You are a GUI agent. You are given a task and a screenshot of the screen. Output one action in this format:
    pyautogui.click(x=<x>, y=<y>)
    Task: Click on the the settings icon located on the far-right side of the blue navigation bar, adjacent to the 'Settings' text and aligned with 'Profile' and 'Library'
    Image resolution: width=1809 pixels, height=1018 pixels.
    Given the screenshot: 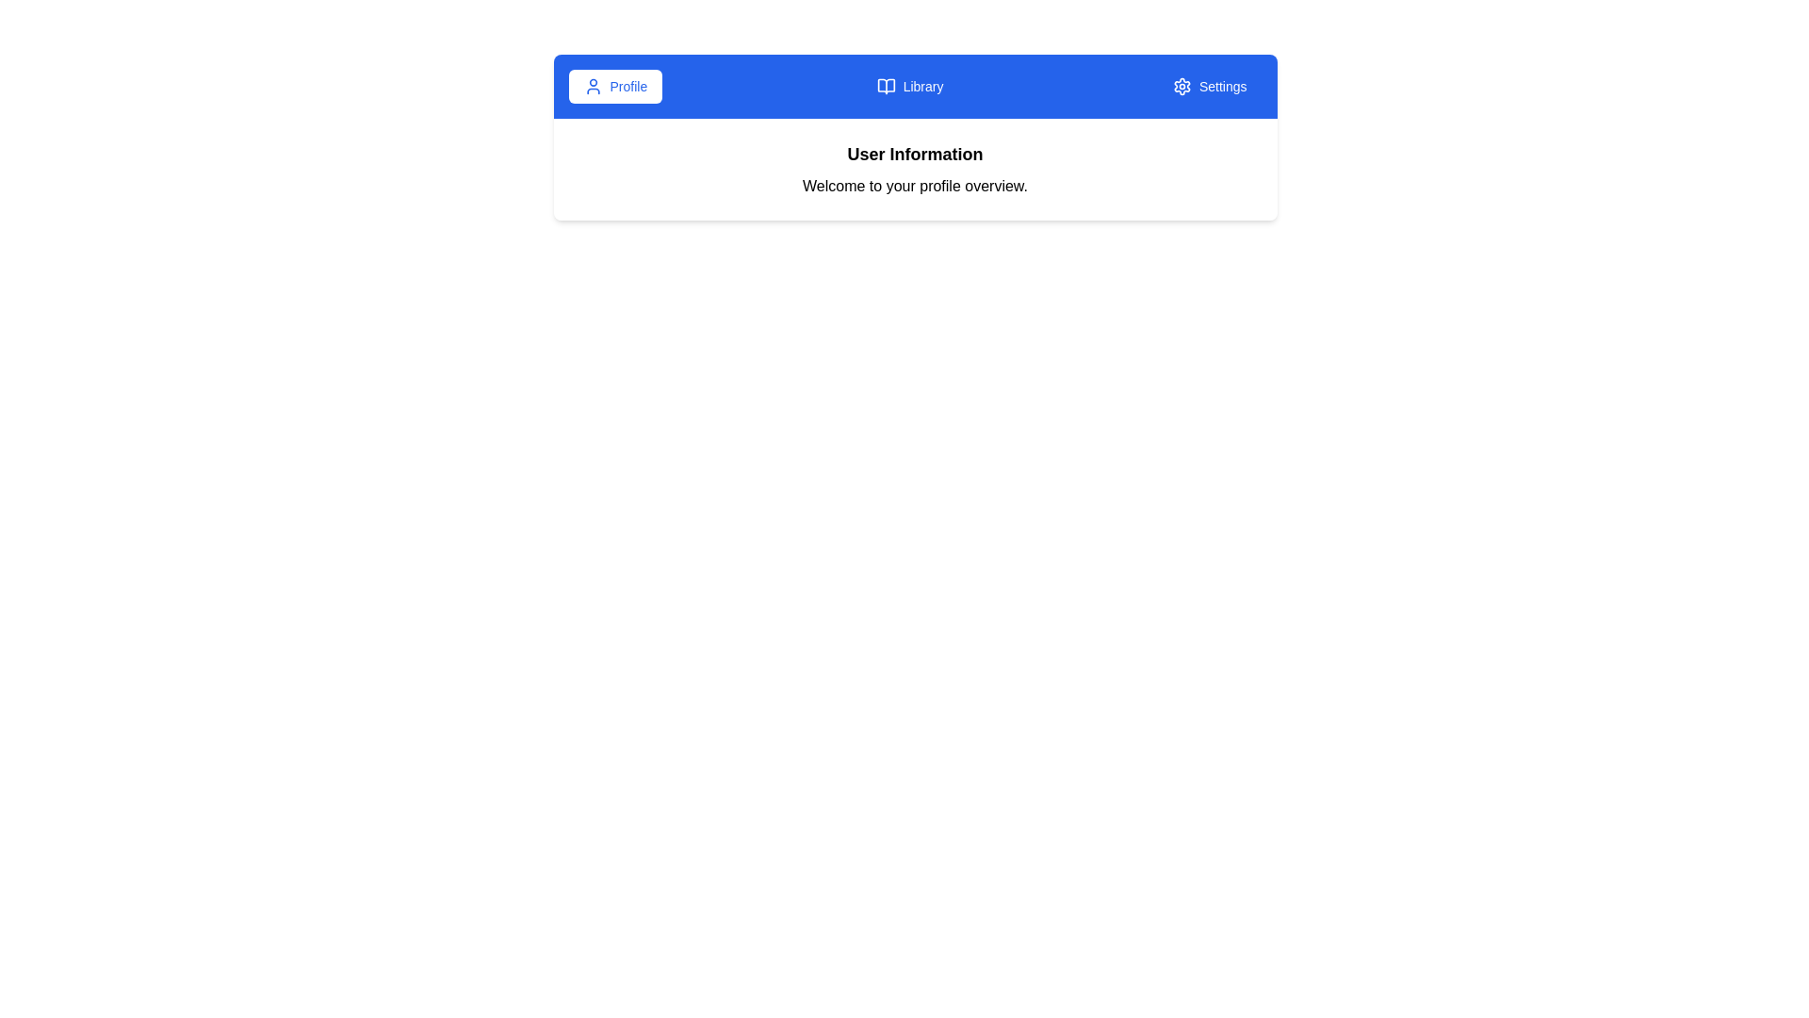 What is the action you would take?
    pyautogui.click(x=1181, y=87)
    